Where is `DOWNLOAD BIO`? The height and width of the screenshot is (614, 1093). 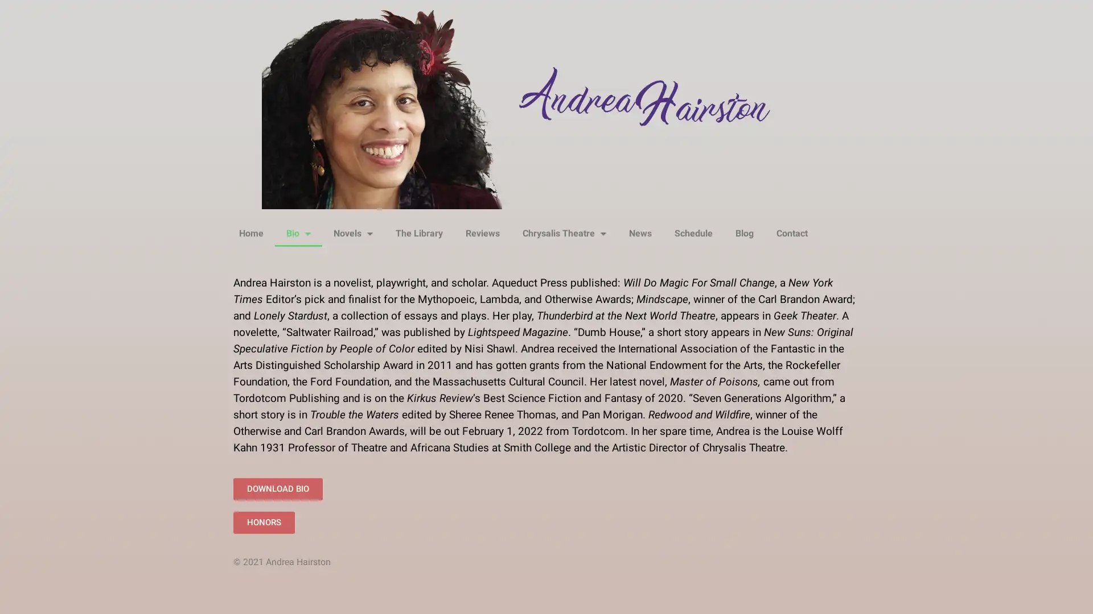 DOWNLOAD BIO is located at coordinates (278, 488).